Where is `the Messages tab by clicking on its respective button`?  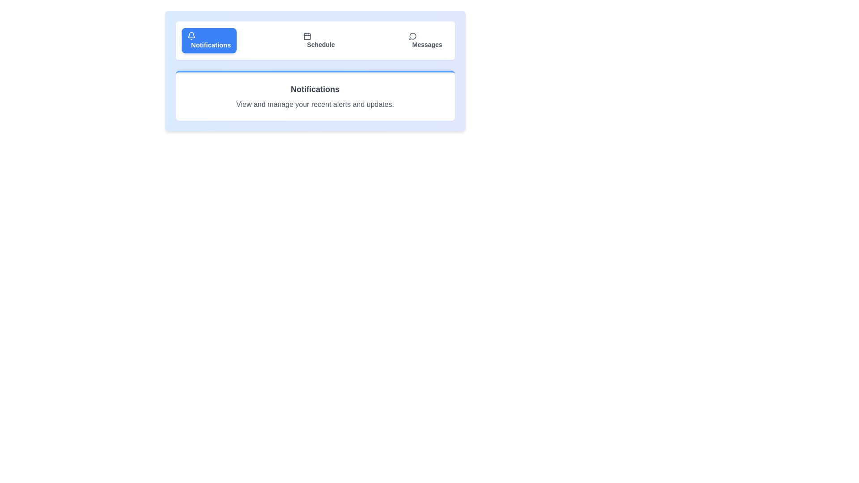
the Messages tab by clicking on its respective button is located at coordinates (425, 41).